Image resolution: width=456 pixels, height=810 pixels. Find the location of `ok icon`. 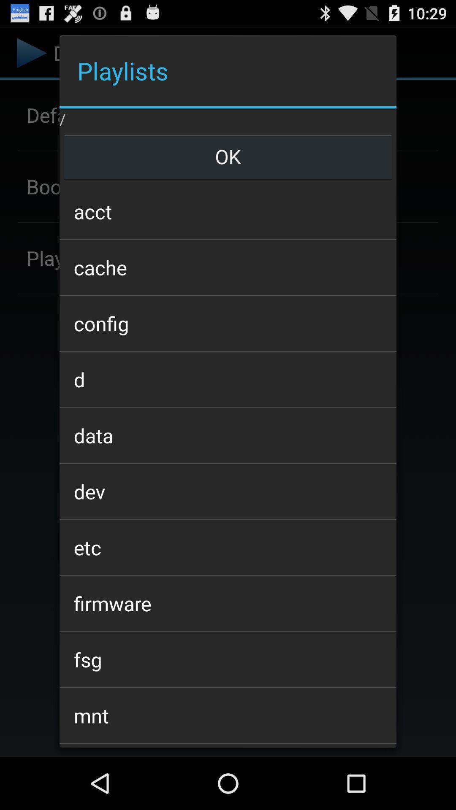

ok icon is located at coordinates (228, 157).